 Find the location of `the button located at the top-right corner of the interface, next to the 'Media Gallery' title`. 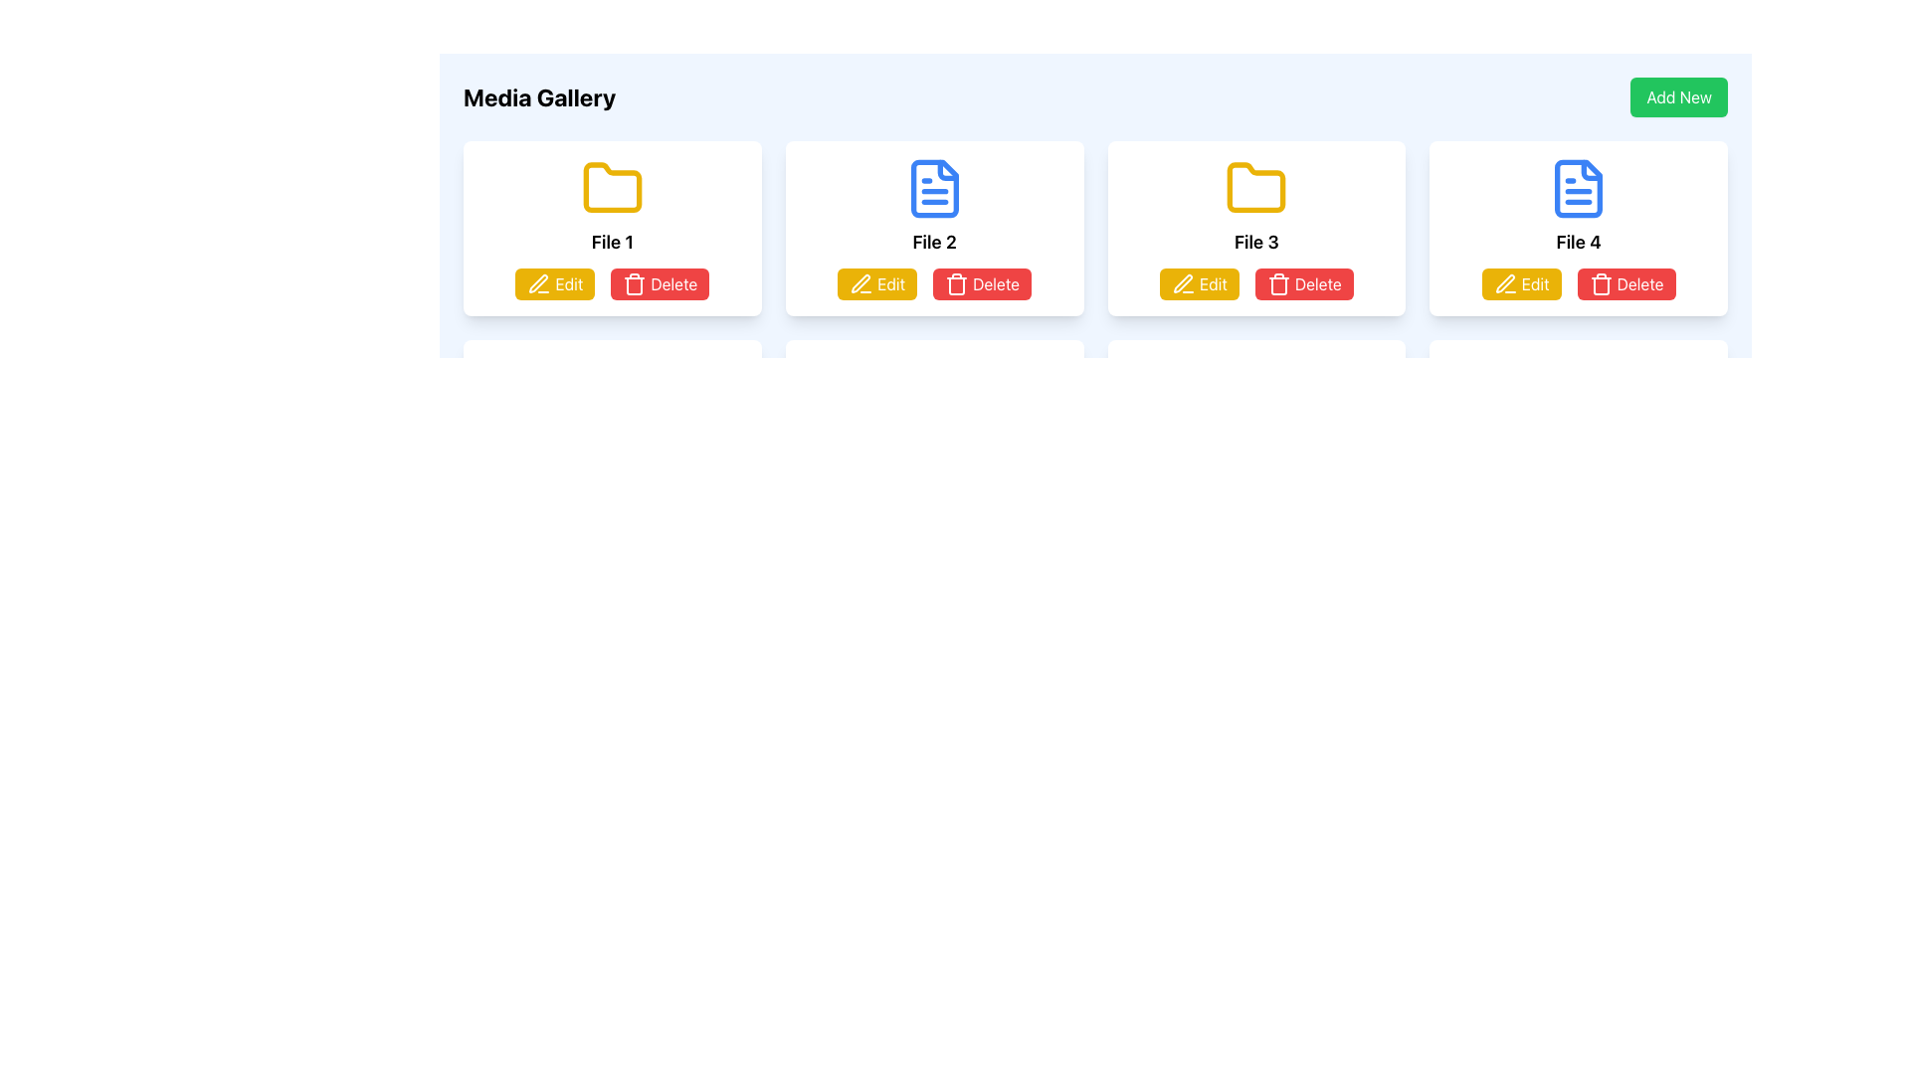

the button located at the top-right corner of the interface, next to the 'Media Gallery' title is located at coordinates (1678, 96).